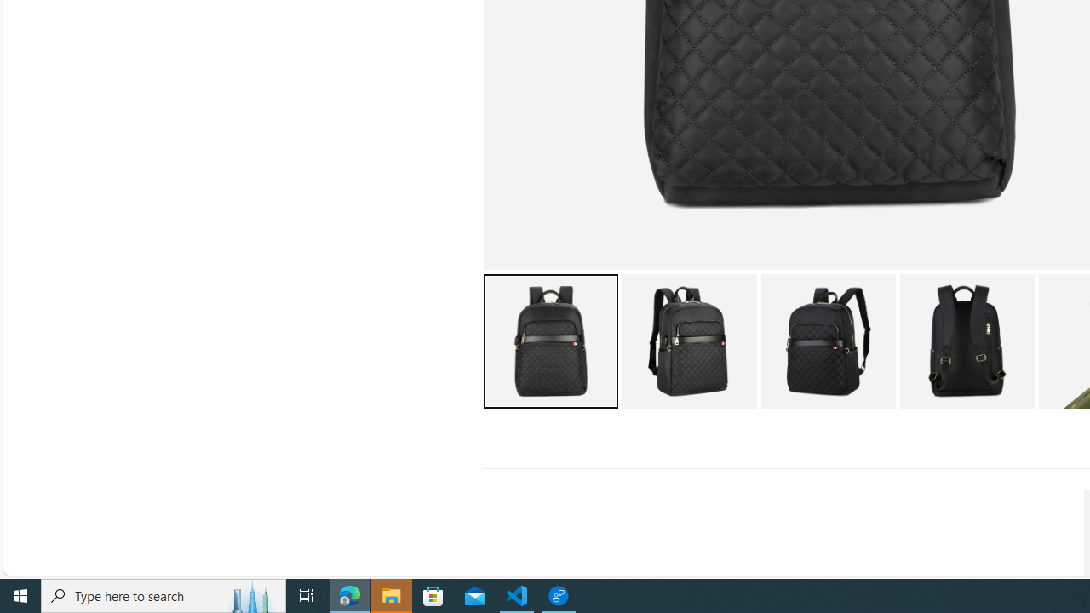 This screenshot has height=613, width=1090. I want to click on 'Task View', so click(306, 594).